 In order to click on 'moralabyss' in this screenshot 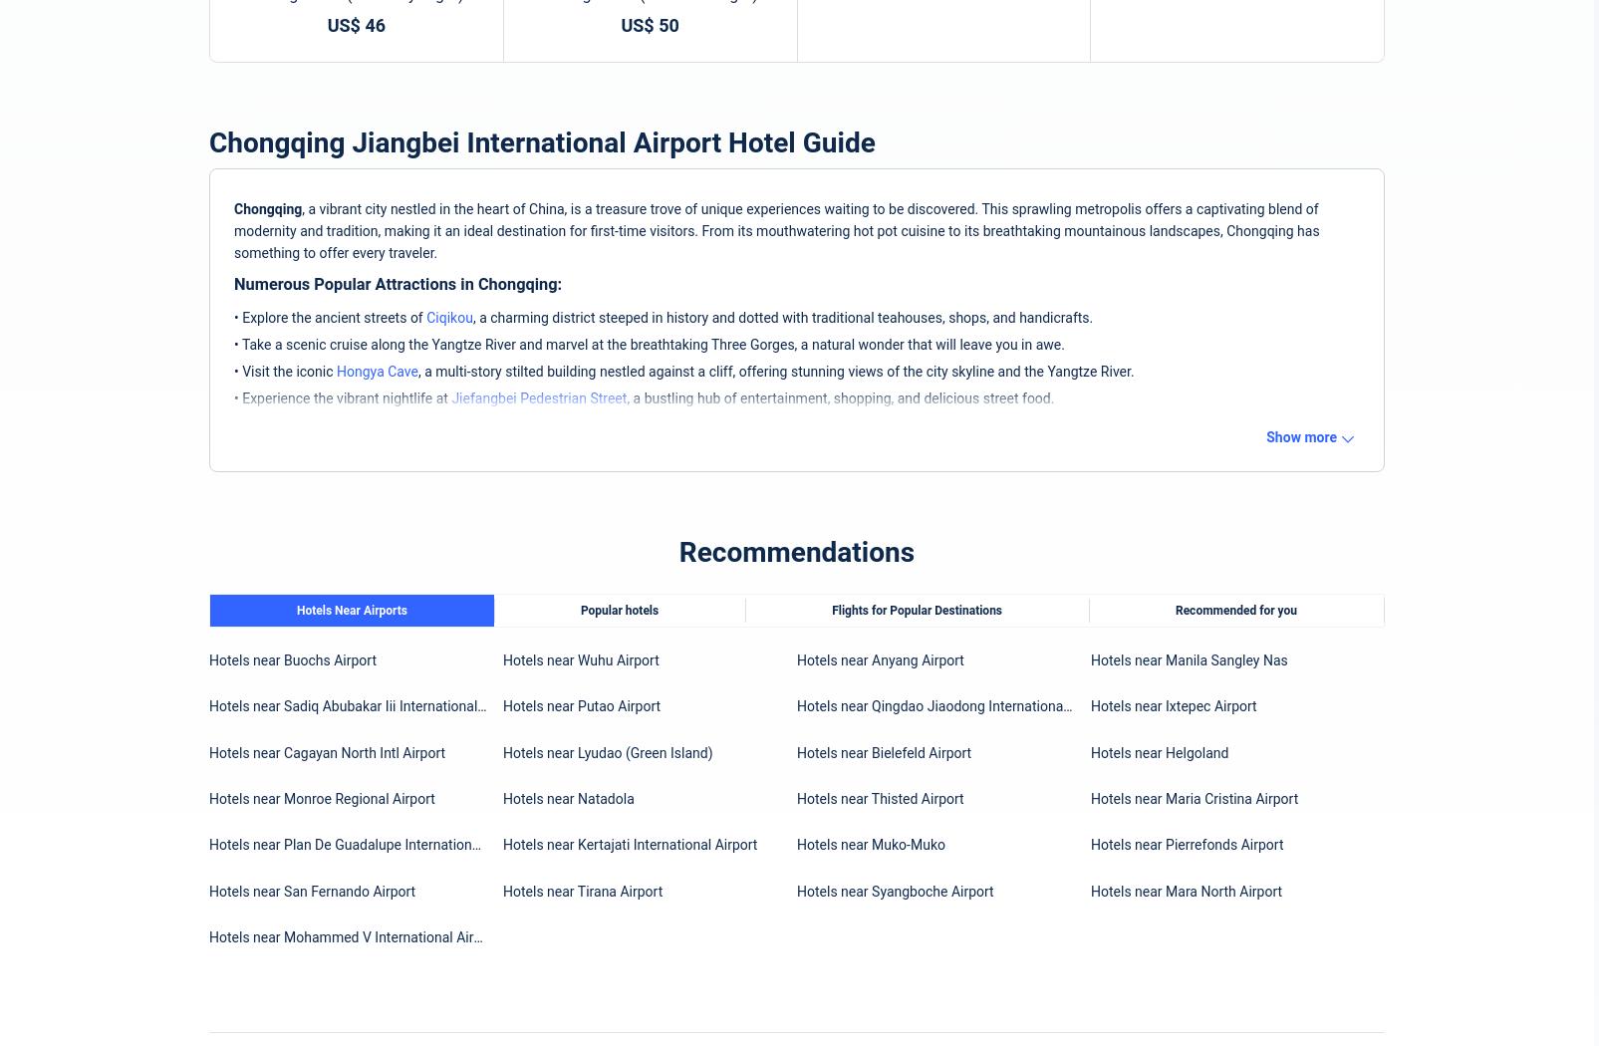, I will do `click(918, 110)`.